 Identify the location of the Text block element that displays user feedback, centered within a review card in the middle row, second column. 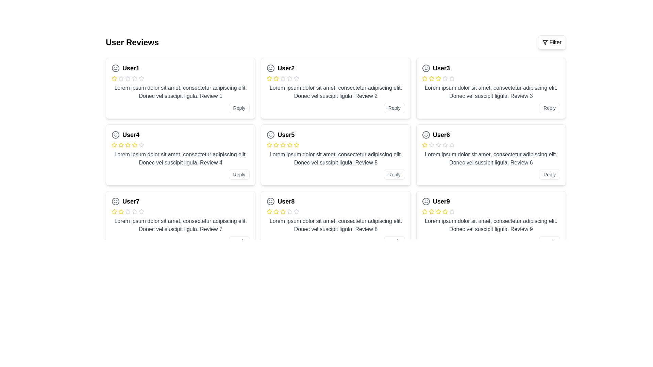
(336, 158).